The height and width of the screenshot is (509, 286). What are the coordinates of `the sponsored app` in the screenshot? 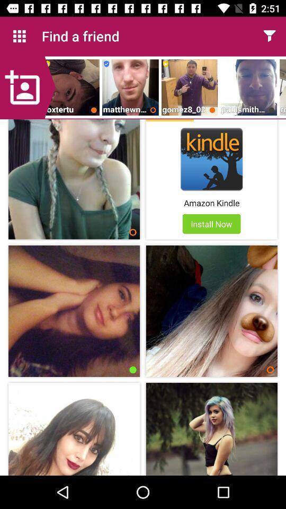 It's located at (169, 120).